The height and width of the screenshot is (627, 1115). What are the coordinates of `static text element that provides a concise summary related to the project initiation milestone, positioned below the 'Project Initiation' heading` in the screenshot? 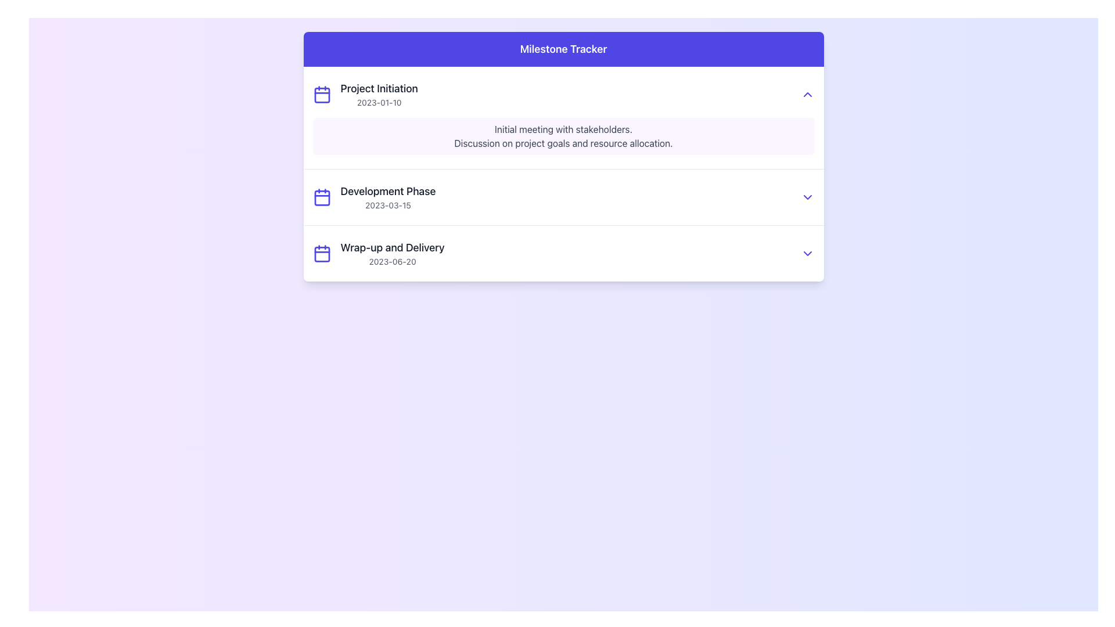 It's located at (563, 129).